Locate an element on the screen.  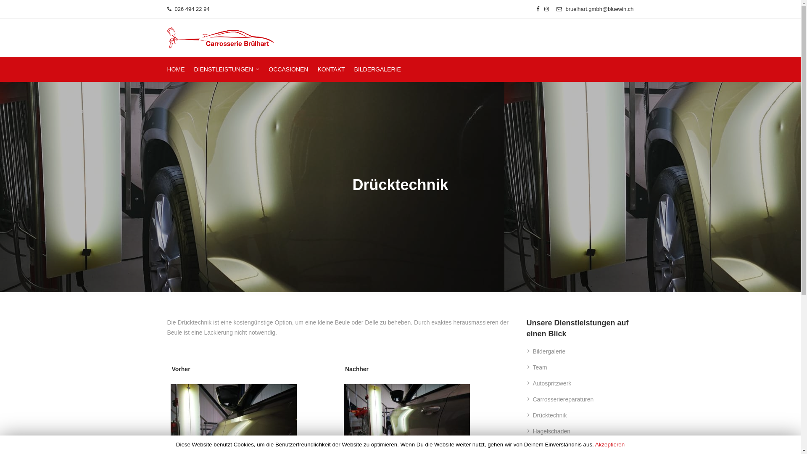
'DIENSTLEISTUNGEN' is located at coordinates (227, 69).